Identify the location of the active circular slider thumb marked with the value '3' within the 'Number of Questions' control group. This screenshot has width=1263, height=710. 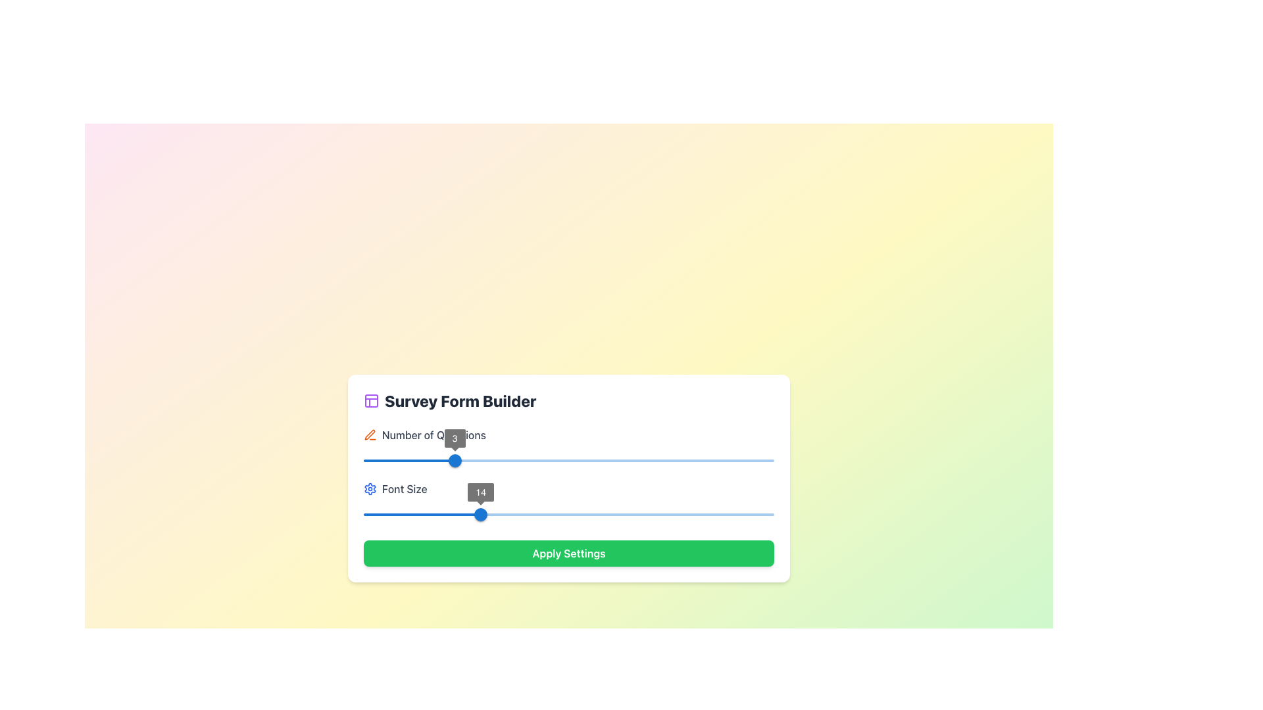
(455, 460).